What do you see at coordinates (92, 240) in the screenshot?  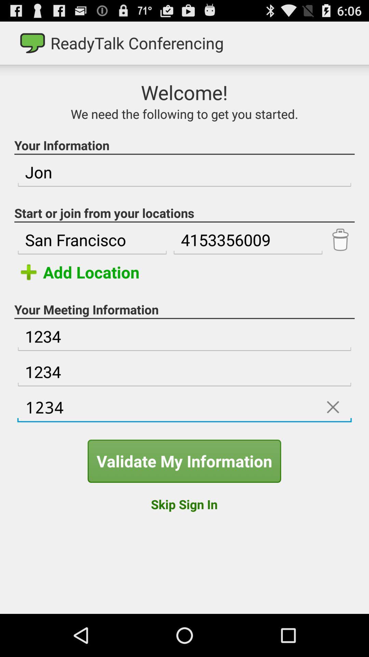 I see `icon to the left of the 4153356009` at bounding box center [92, 240].